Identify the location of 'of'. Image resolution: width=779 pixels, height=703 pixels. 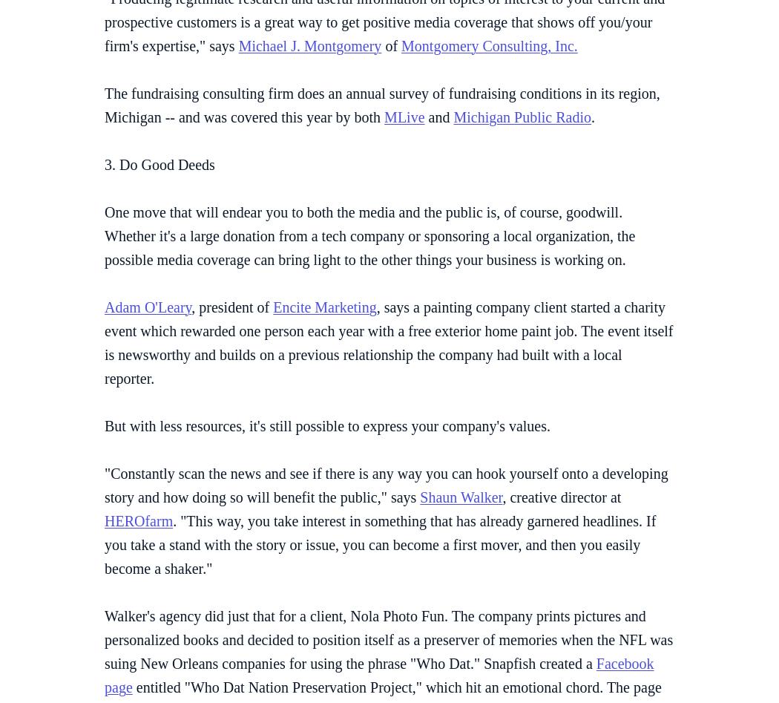
(391, 45).